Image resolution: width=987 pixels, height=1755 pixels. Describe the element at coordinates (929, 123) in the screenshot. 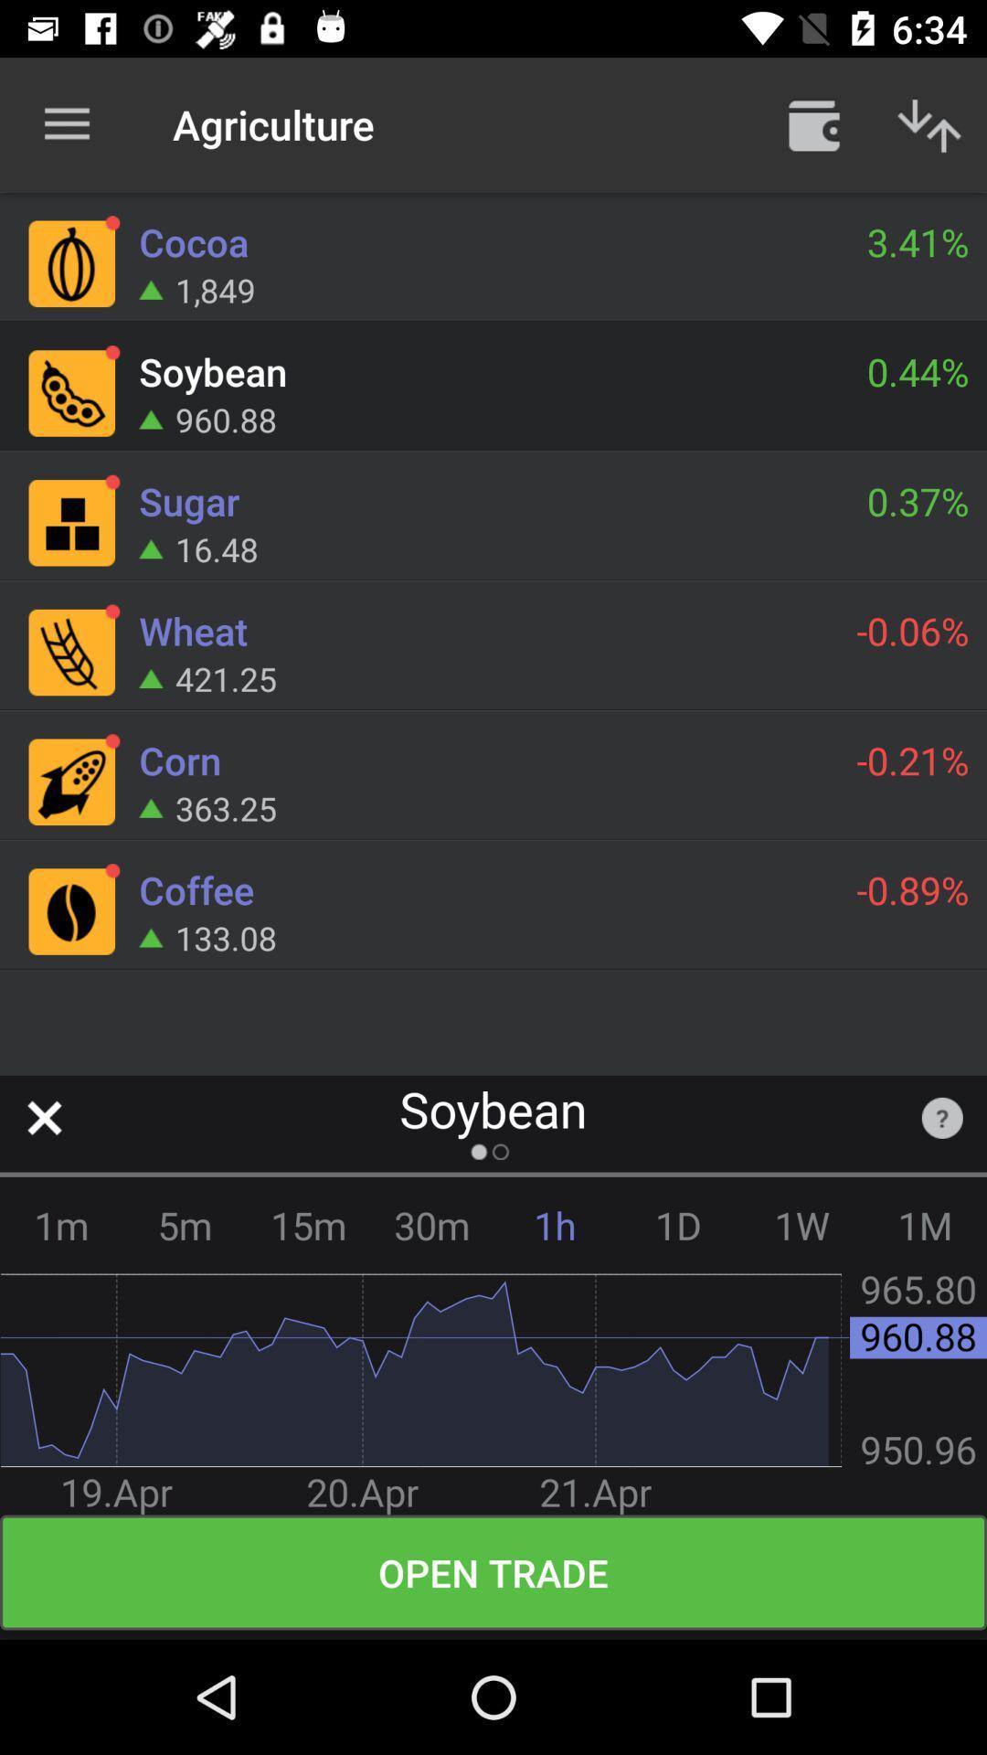

I see `up or down` at that location.